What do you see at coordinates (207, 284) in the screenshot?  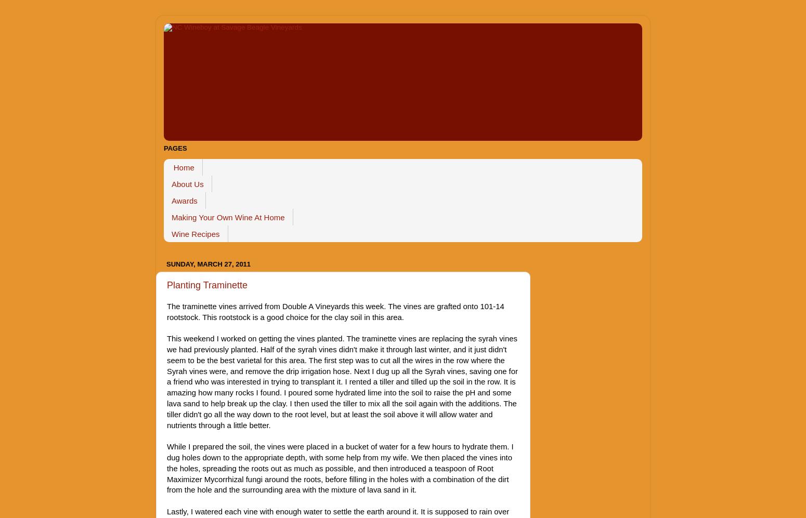 I see `'Planting Traminette'` at bounding box center [207, 284].